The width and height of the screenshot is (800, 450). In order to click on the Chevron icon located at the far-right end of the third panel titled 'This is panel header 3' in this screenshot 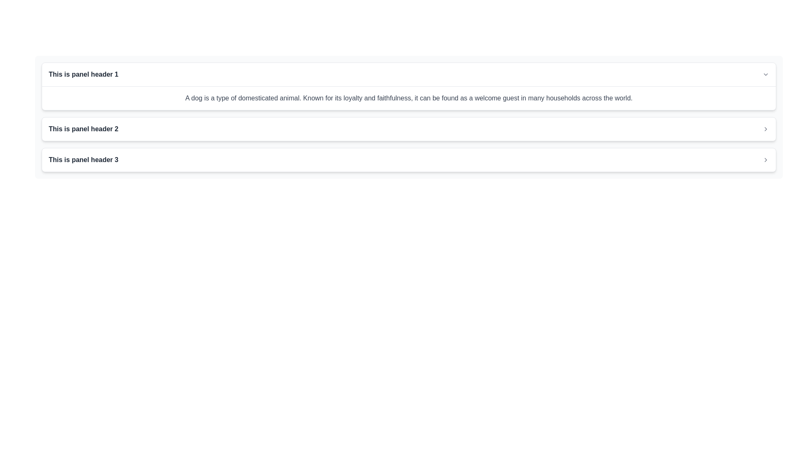, I will do `click(766, 160)`.